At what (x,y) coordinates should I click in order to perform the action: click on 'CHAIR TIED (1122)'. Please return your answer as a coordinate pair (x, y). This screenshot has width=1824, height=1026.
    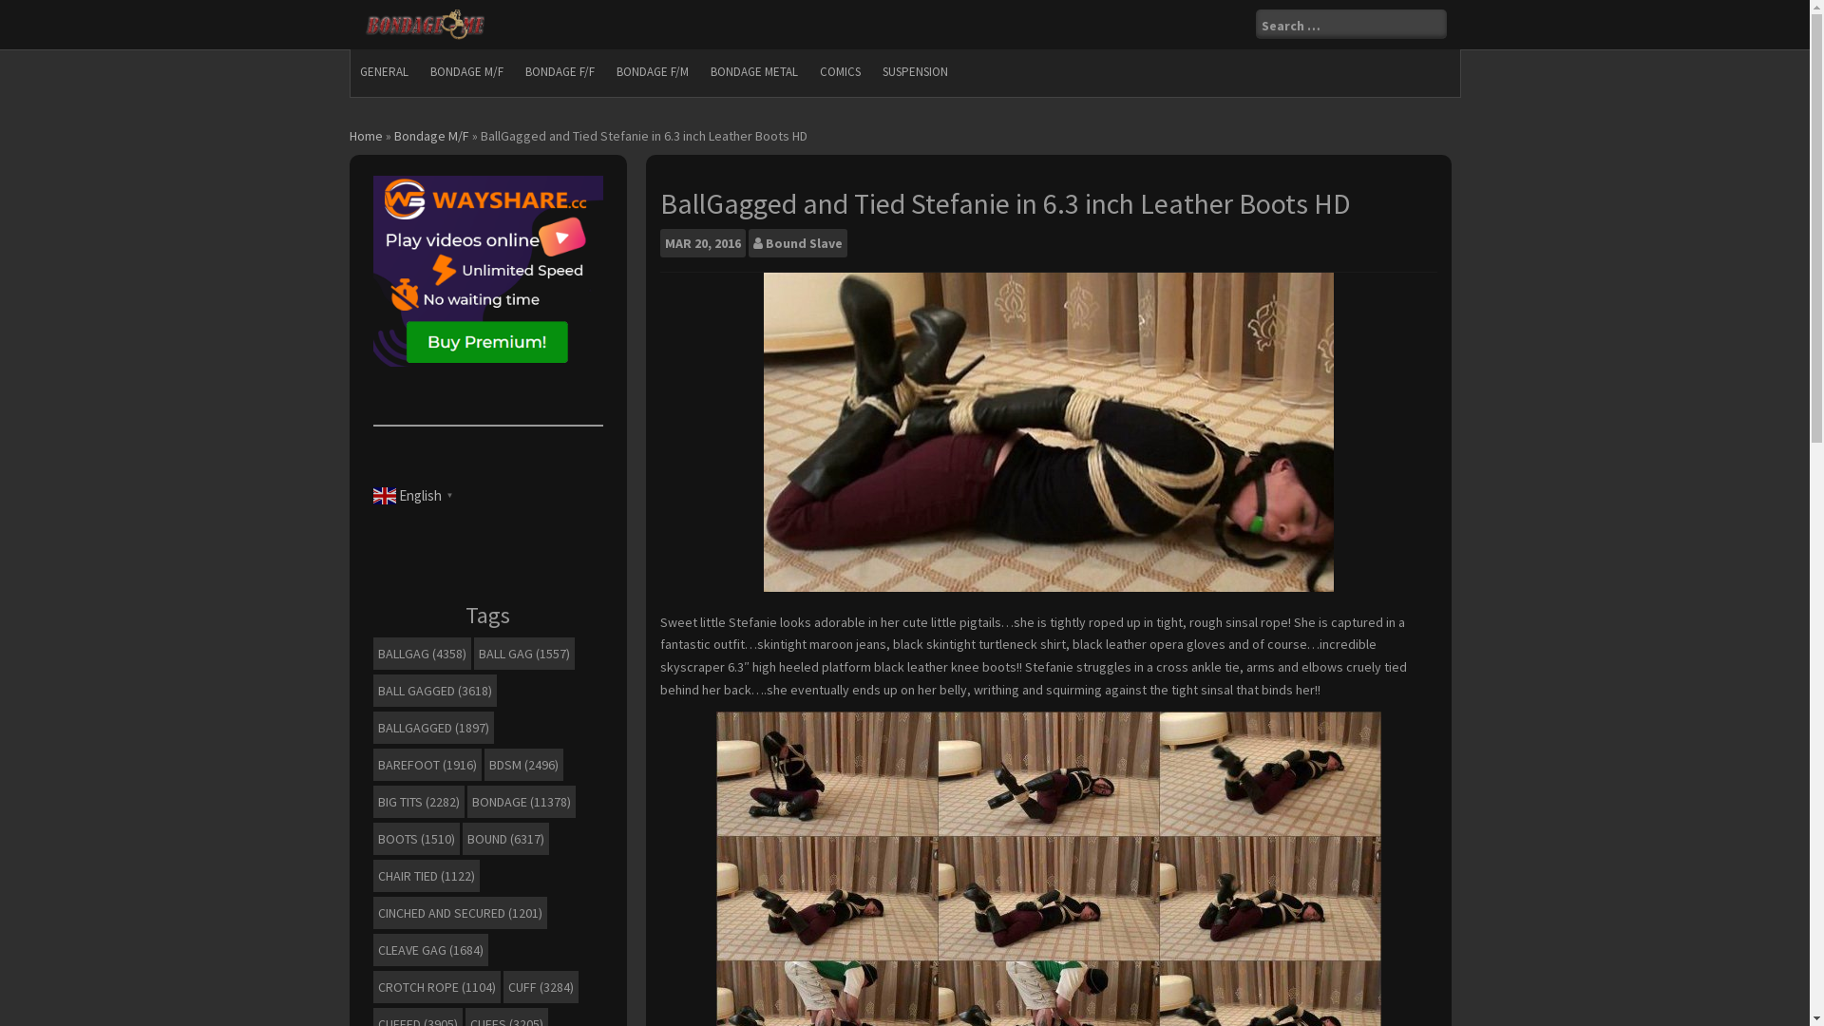
    Looking at the image, I should click on (424, 875).